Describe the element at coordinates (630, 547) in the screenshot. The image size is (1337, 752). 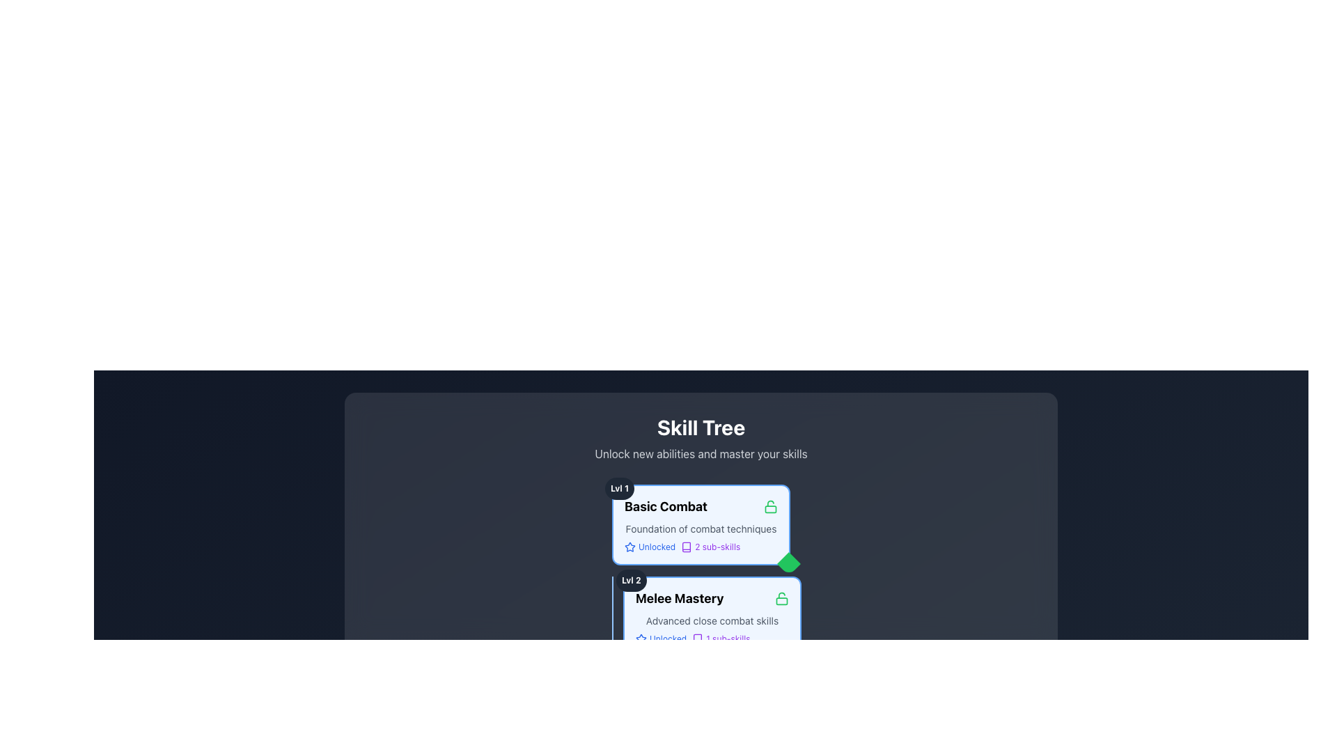
I see `the star-shaped icon with a blue outline located to the left of the label 'Unlocked'` at that location.